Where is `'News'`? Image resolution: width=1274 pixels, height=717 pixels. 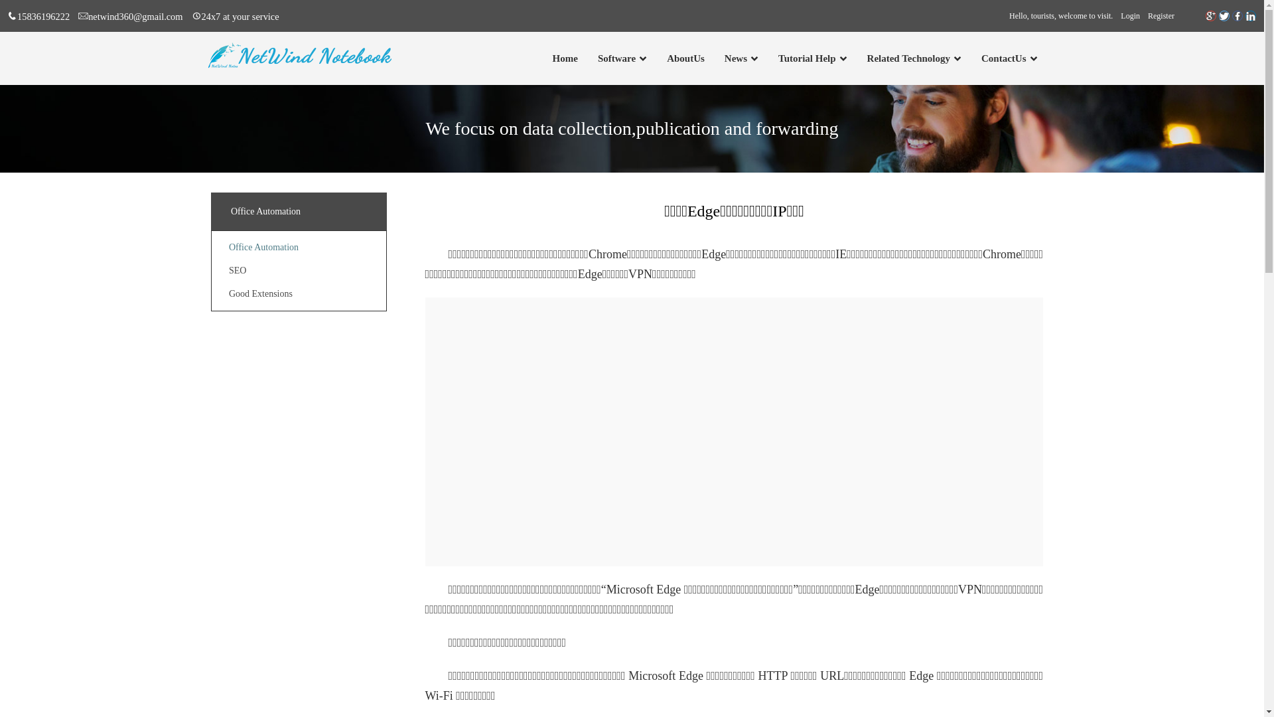 'News' is located at coordinates (735, 58).